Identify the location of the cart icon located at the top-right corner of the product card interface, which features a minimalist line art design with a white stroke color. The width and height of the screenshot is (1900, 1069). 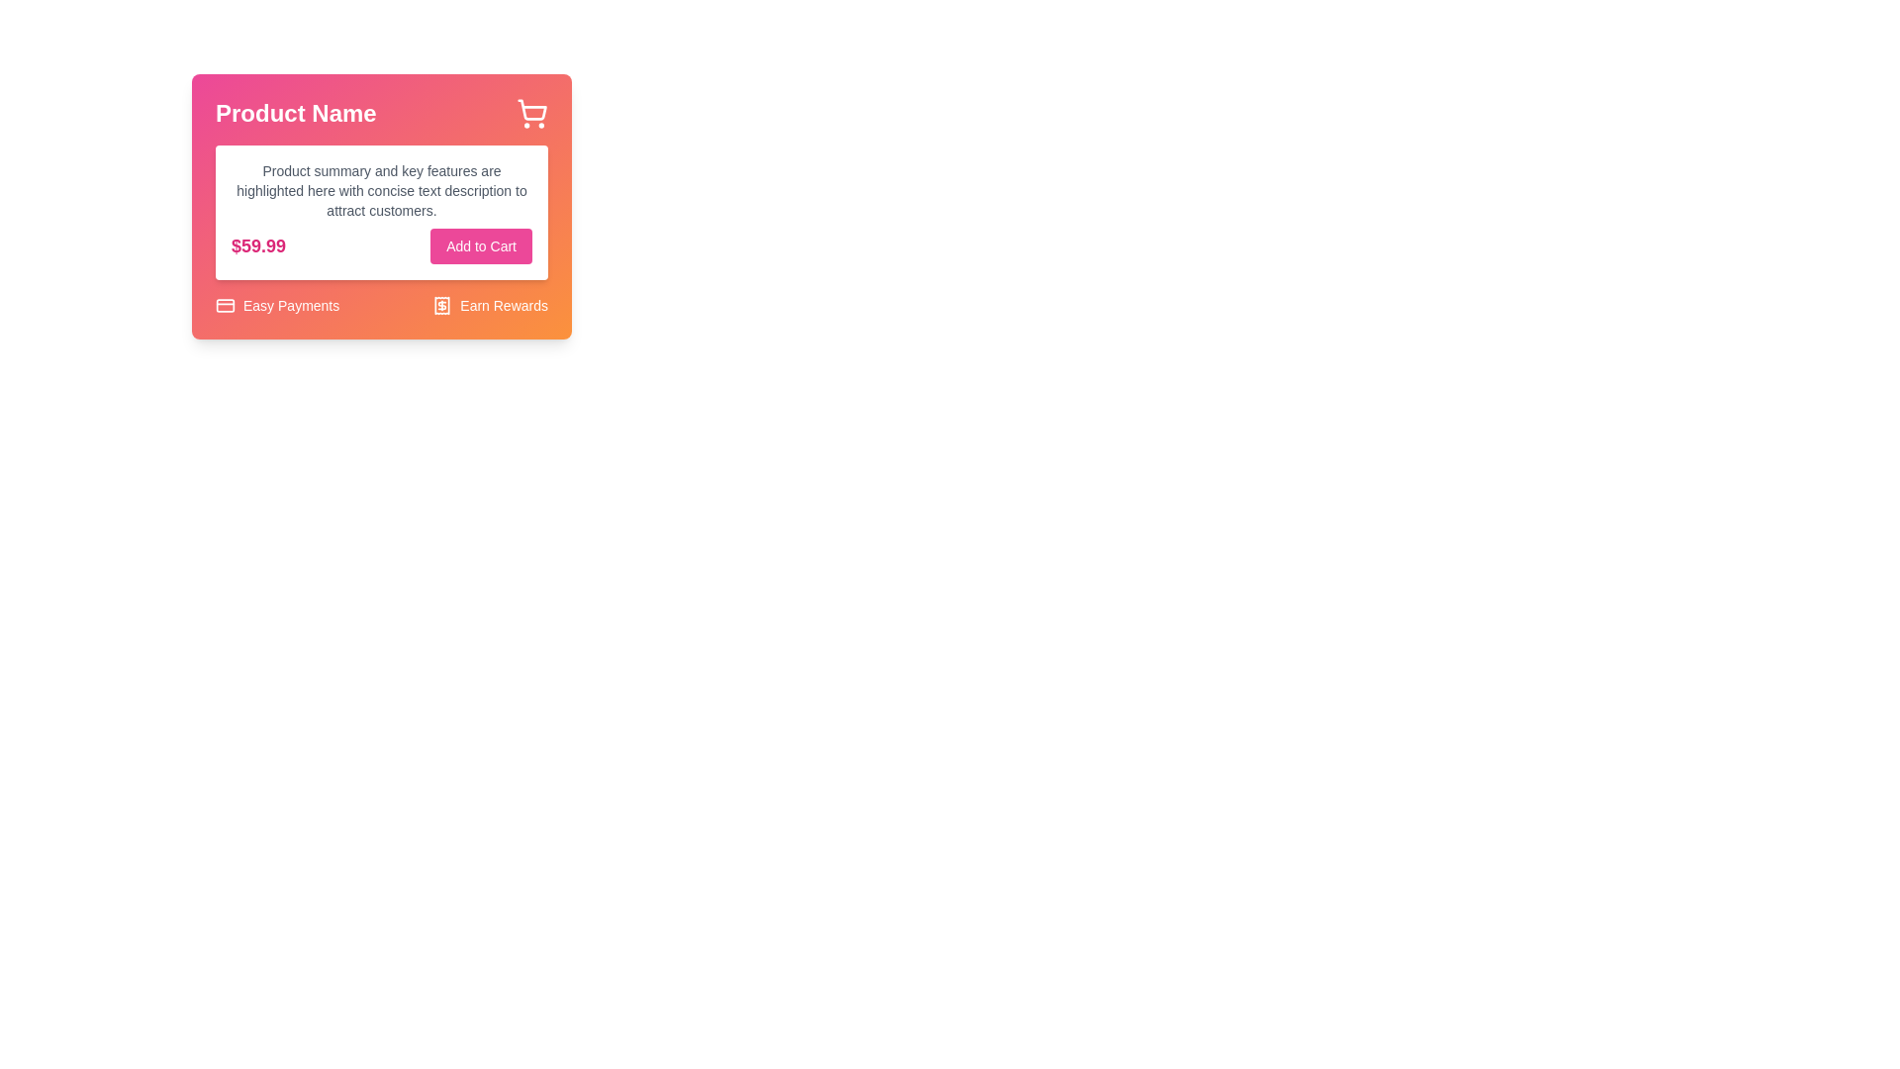
(532, 110).